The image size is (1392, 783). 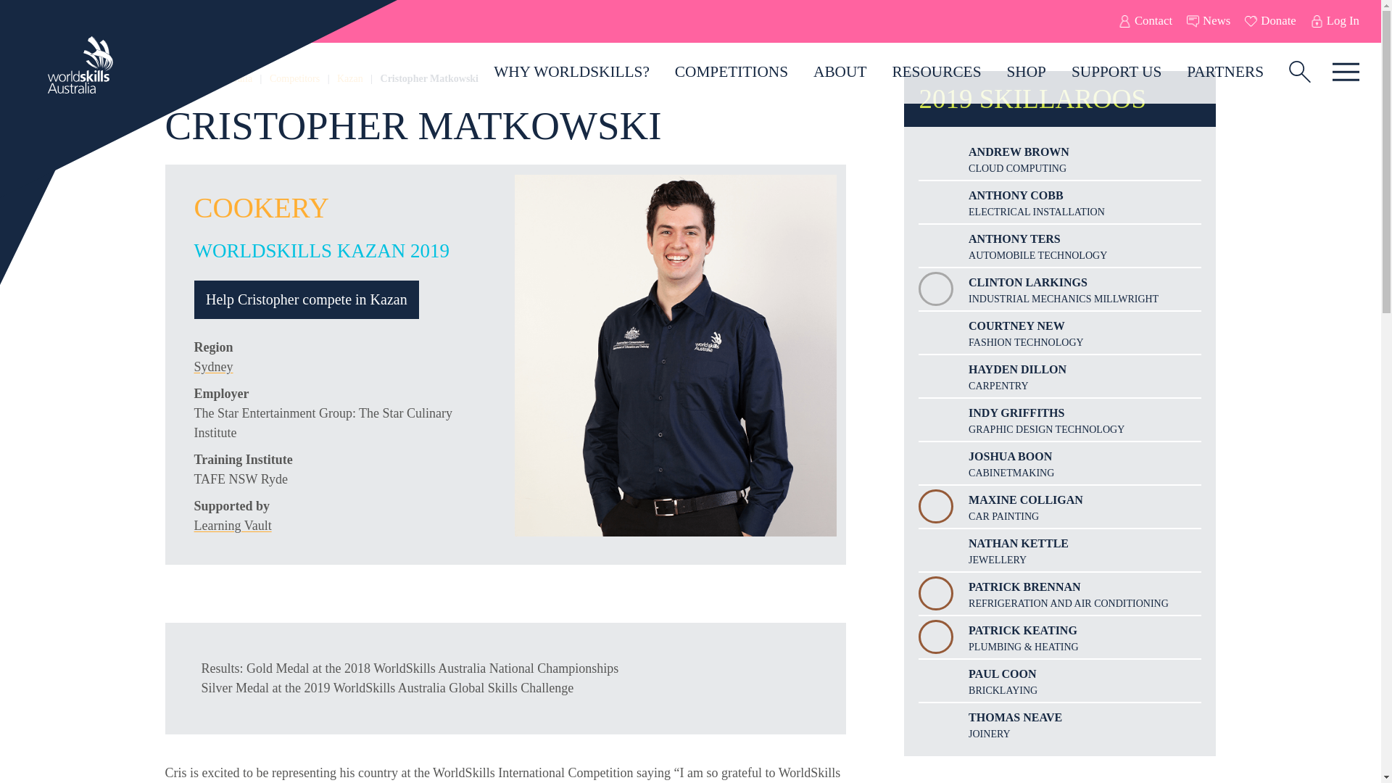 I want to click on 'Kazan', so click(x=350, y=78).